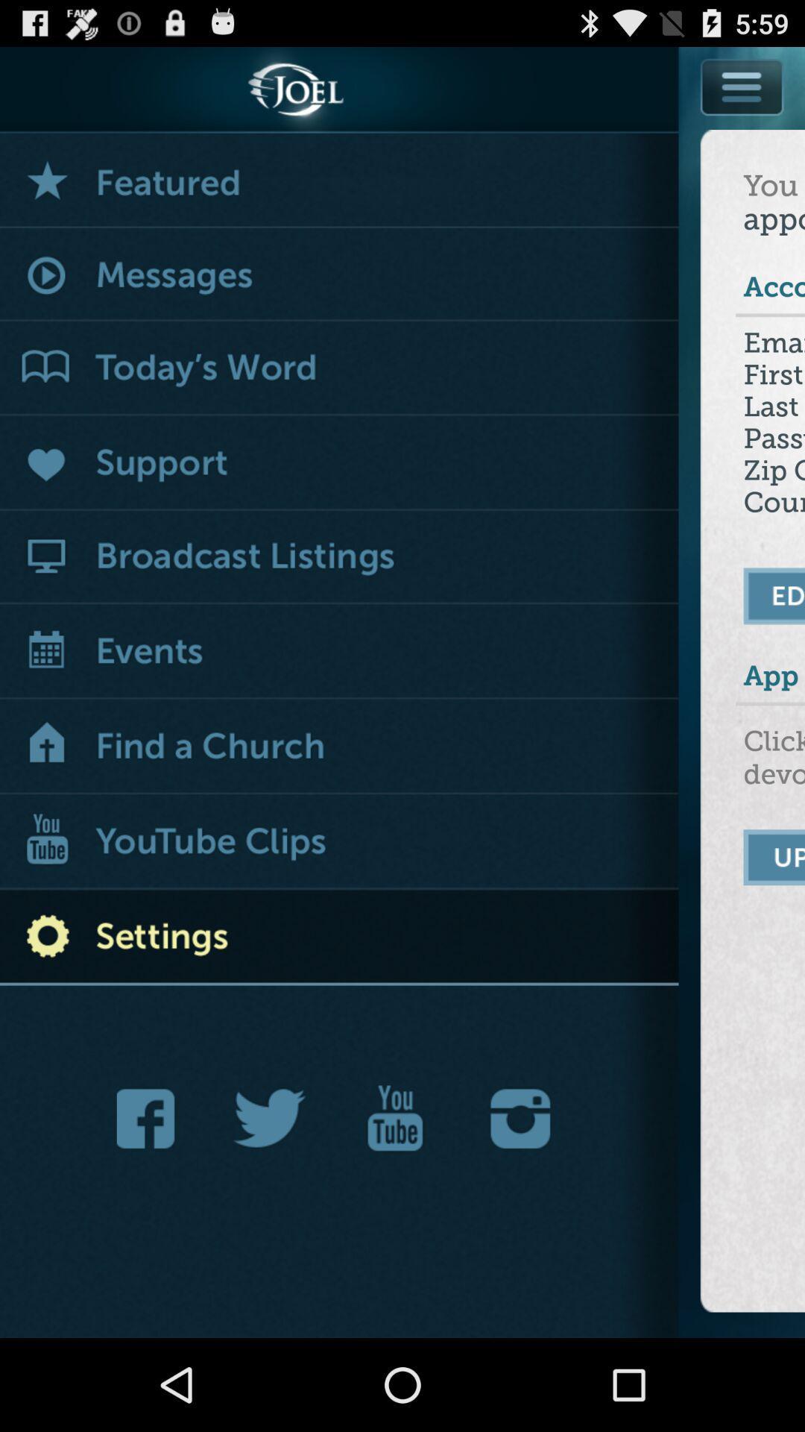 Image resolution: width=805 pixels, height=1432 pixels. I want to click on the church 's youtube videos, so click(339, 843).